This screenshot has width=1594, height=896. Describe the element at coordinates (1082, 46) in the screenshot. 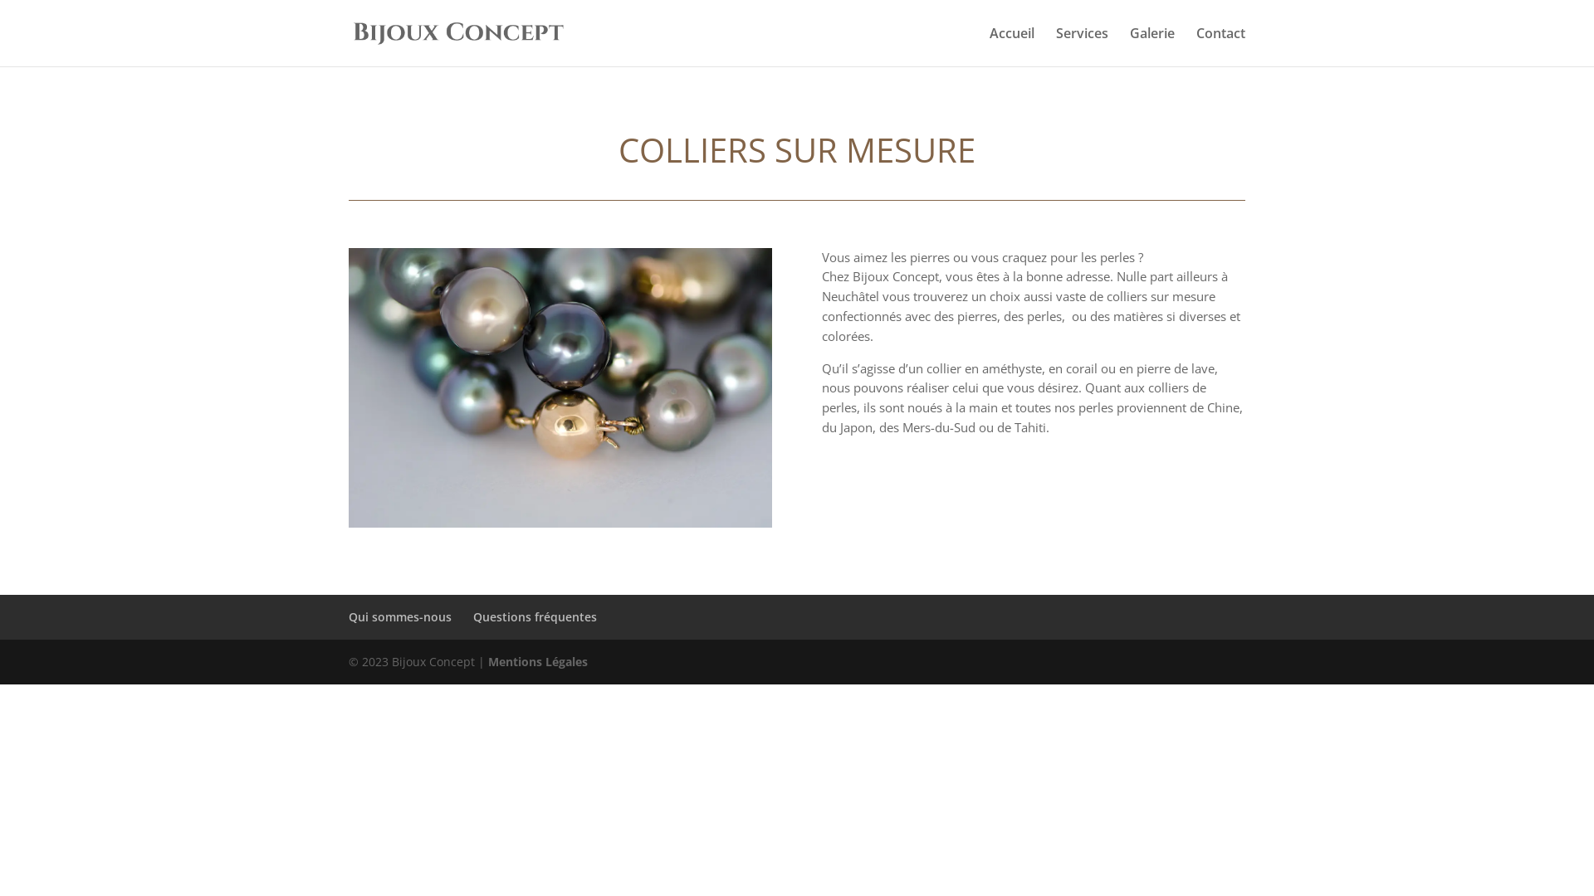

I see `'Services'` at that location.